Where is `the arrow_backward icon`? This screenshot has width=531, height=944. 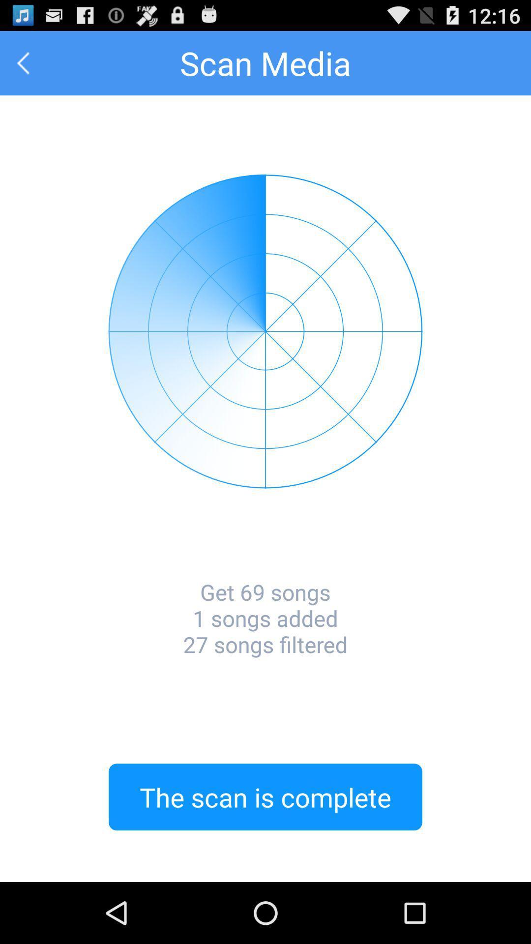
the arrow_backward icon is located at coordinates (23, 67).